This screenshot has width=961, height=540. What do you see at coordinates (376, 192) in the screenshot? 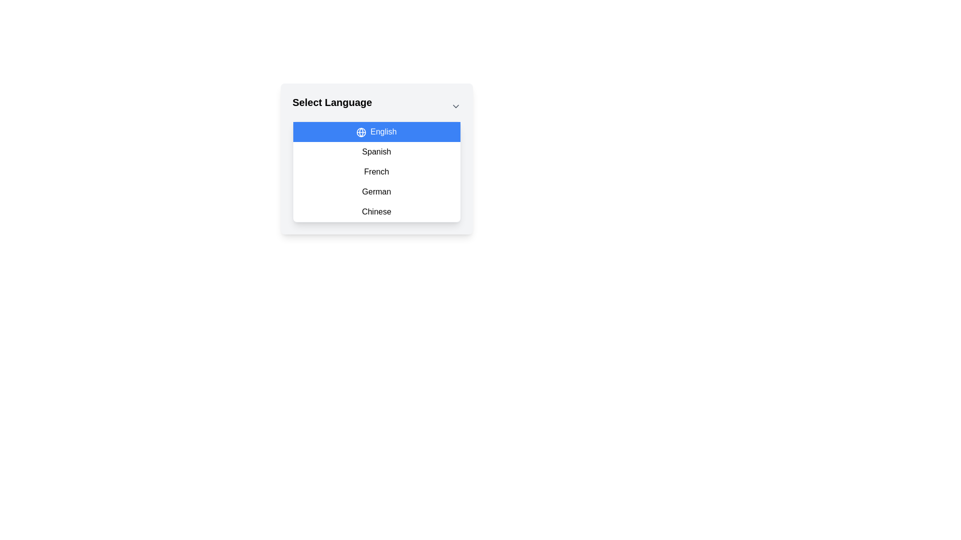
I see `the selectable text item for 'German' in the dropdown menu` at bounding box center [376, 192].